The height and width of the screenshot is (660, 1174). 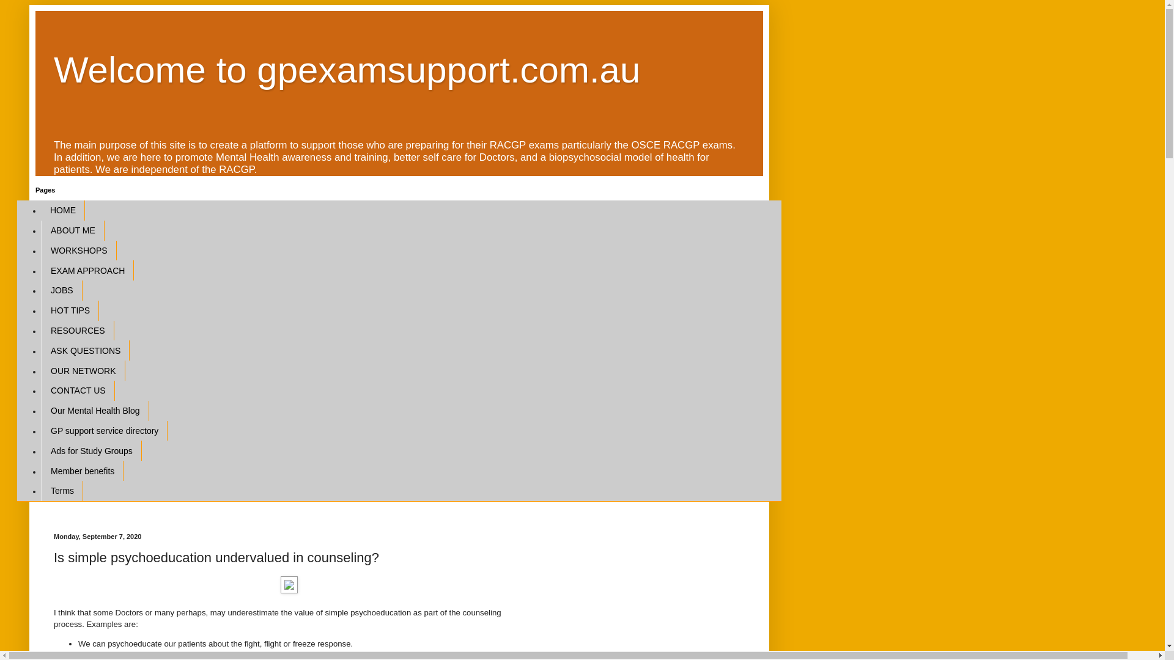 I want to click on 'RESOURCES', so click(x=77, y=331).